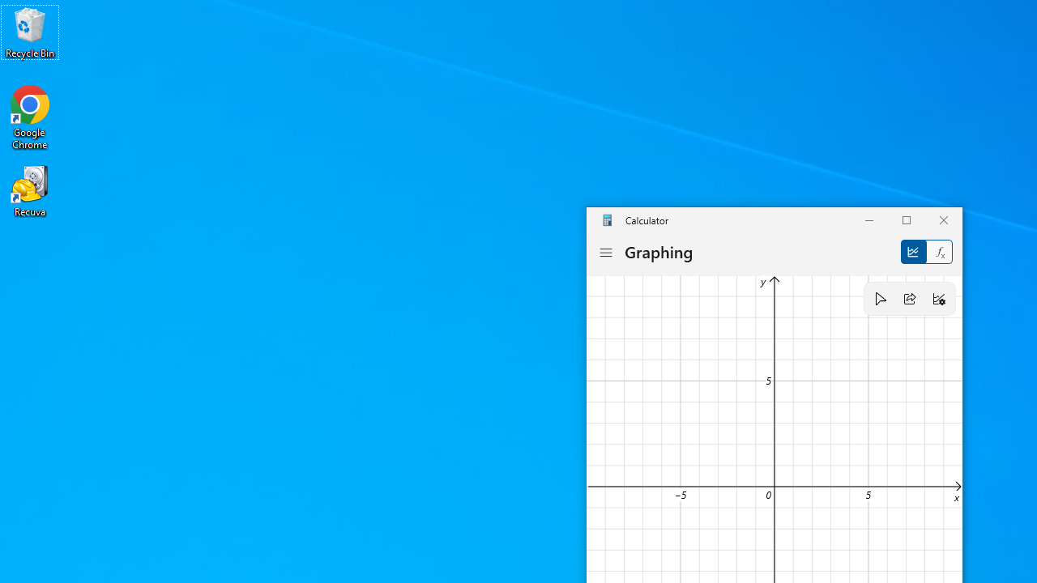  I want to click on 'Recycle Bin', so click(30, 32).